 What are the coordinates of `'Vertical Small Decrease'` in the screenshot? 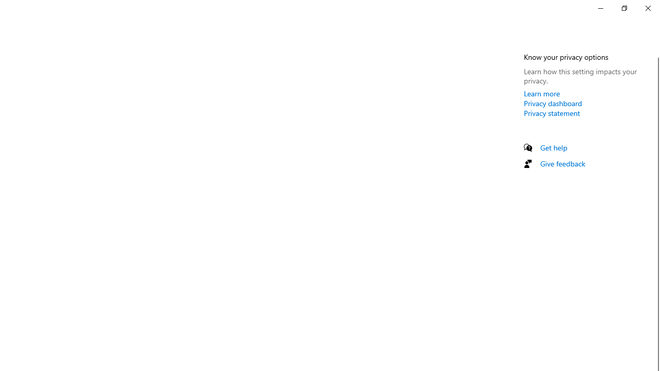 It's located at (655, 54).